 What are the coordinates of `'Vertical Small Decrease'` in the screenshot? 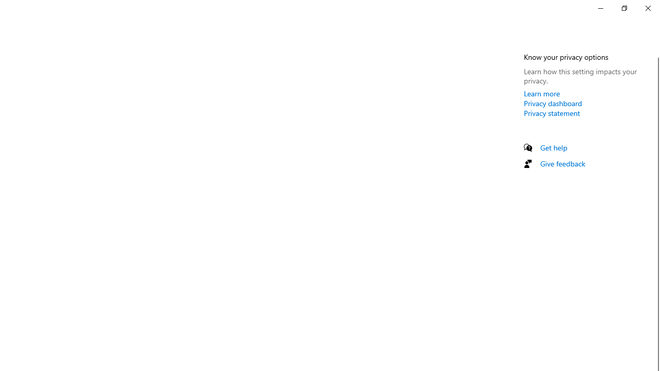 It's located at (655, 54).